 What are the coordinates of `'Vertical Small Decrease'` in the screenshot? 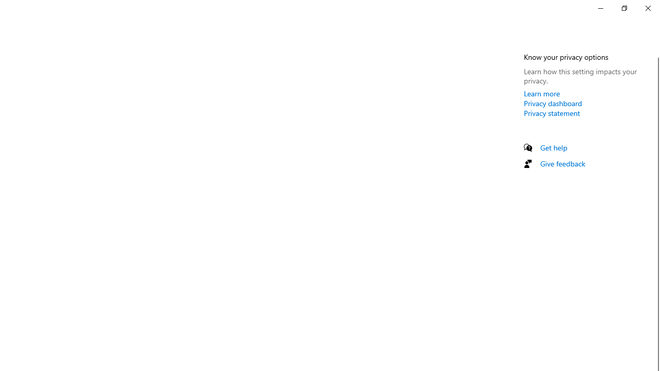 It's located at (655, 54).